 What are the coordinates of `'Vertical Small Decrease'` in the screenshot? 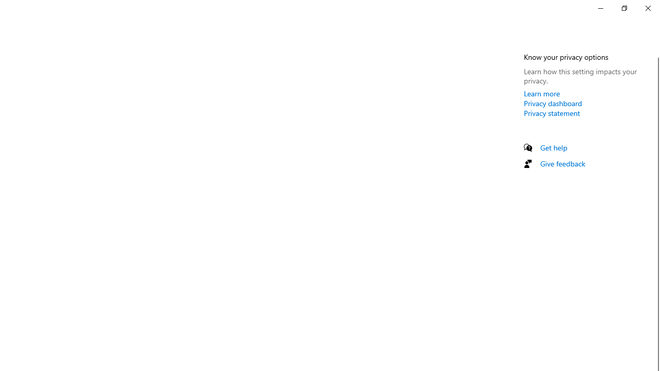 It's located at (655, 54).